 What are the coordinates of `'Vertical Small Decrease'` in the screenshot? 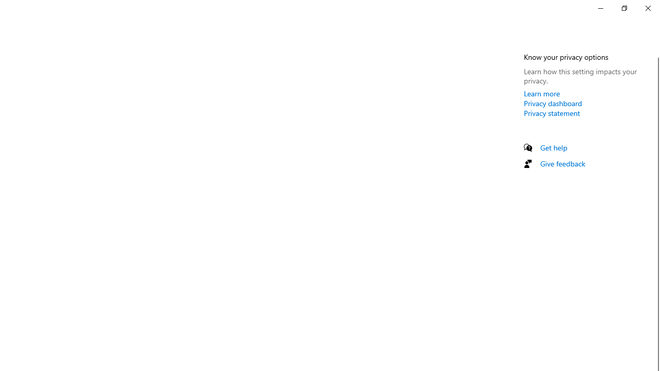 It's located at (655, 54).